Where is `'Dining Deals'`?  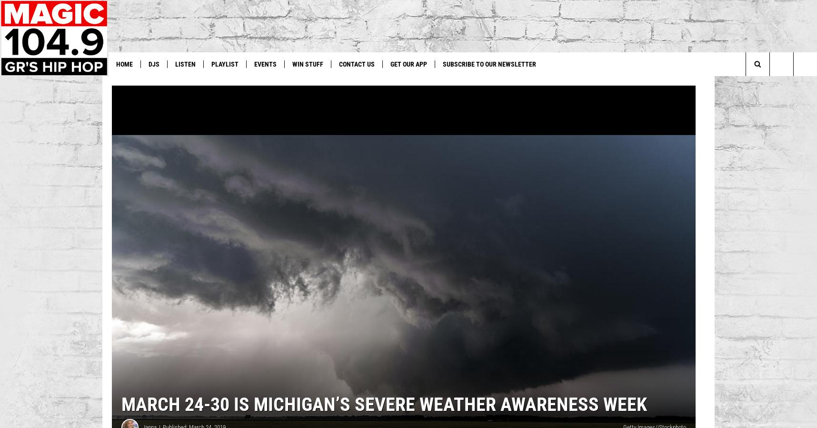 'Dining Deals' is located at coordinates (377, 84).